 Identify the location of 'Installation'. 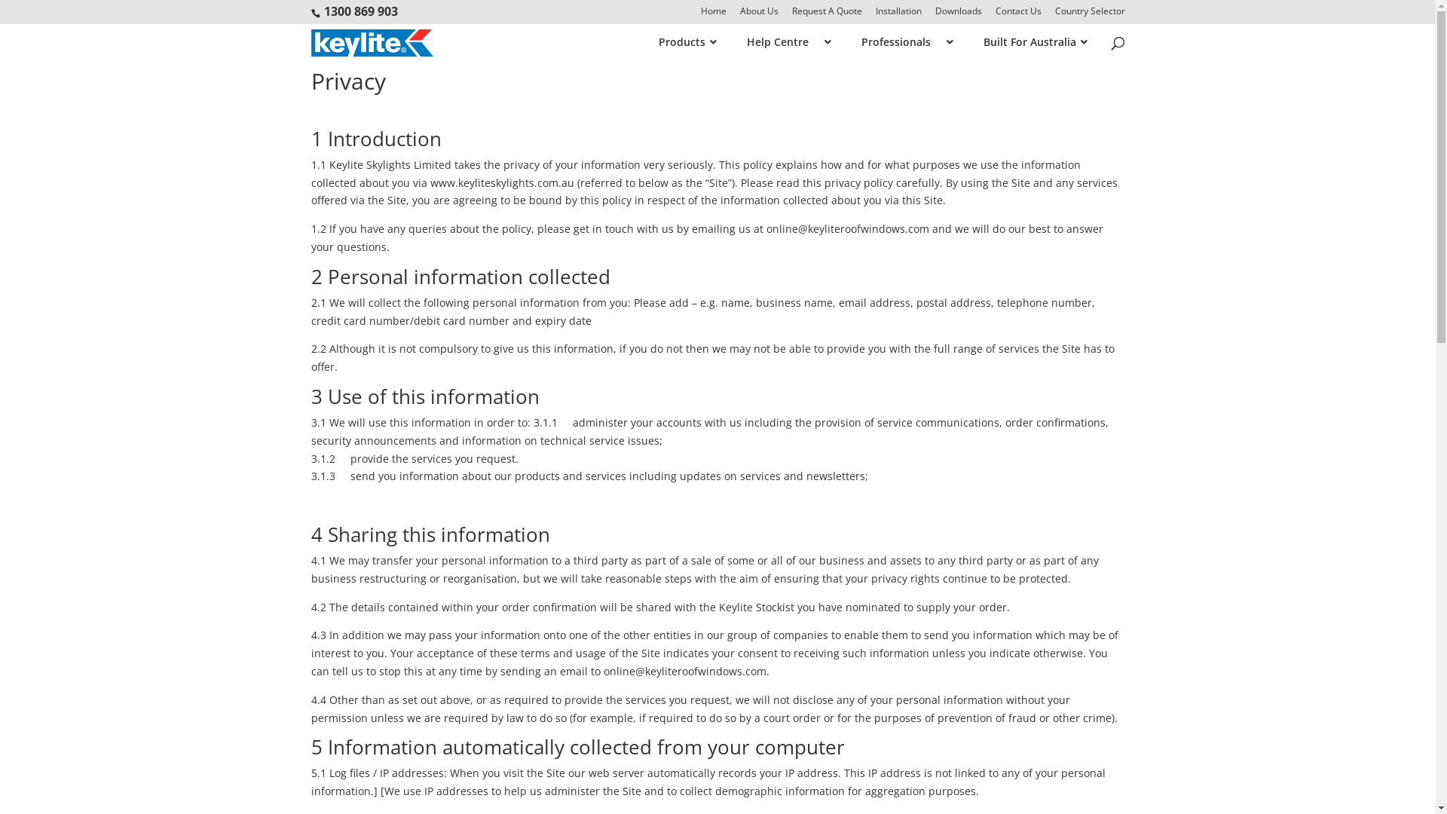
(898, 14).